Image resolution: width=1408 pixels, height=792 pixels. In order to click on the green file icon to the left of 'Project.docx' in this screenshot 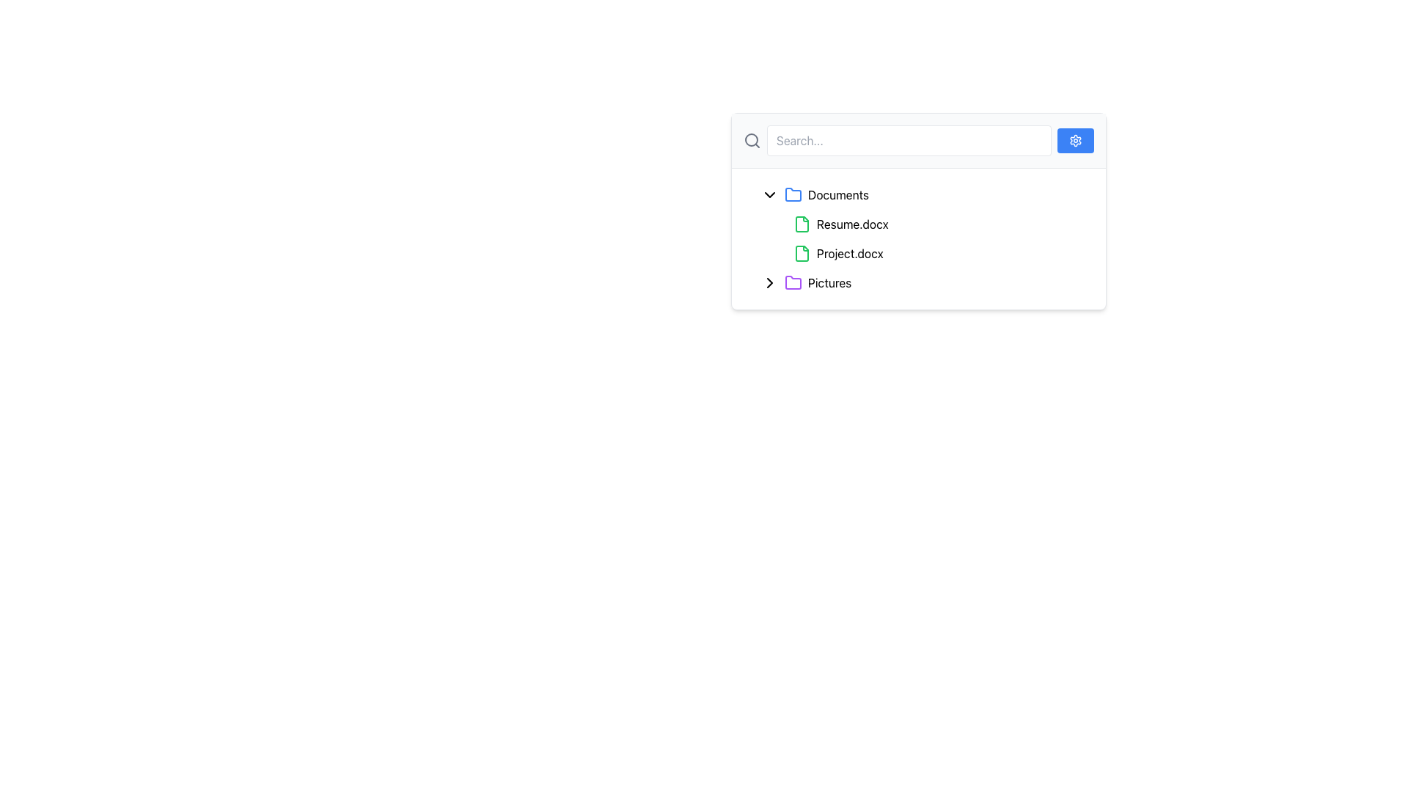, I will do `click(802, 253)`.